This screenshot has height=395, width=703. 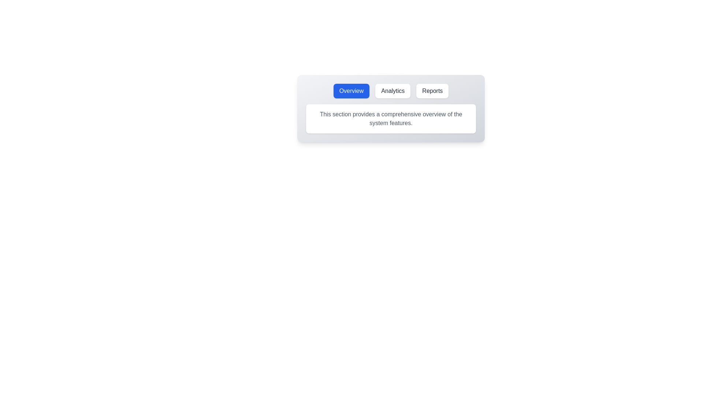 I want to click on the Overview tab by clicking its button, so click(x=351, y=91).